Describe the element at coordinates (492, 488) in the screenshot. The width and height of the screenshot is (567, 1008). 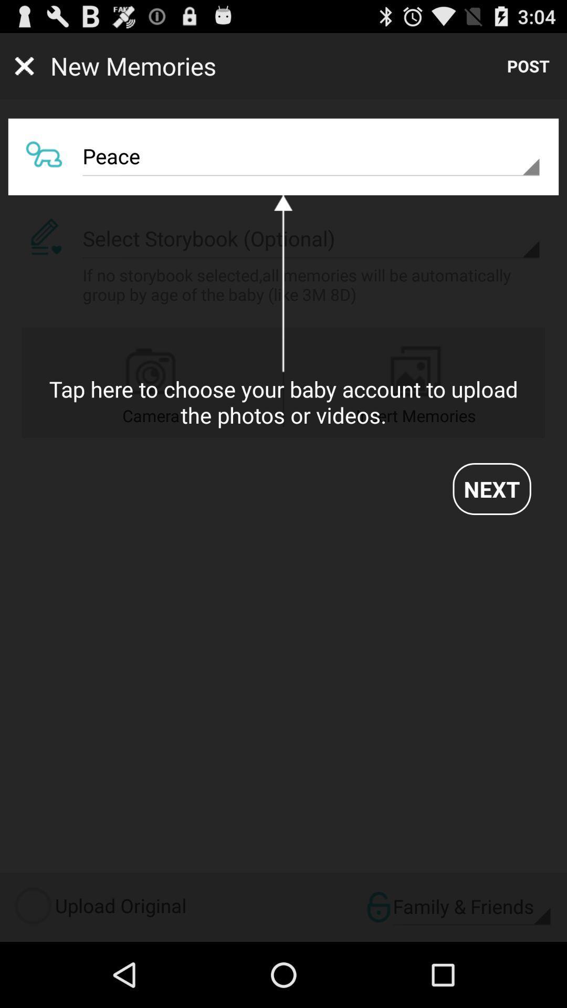
I see `app on the right` at that location.